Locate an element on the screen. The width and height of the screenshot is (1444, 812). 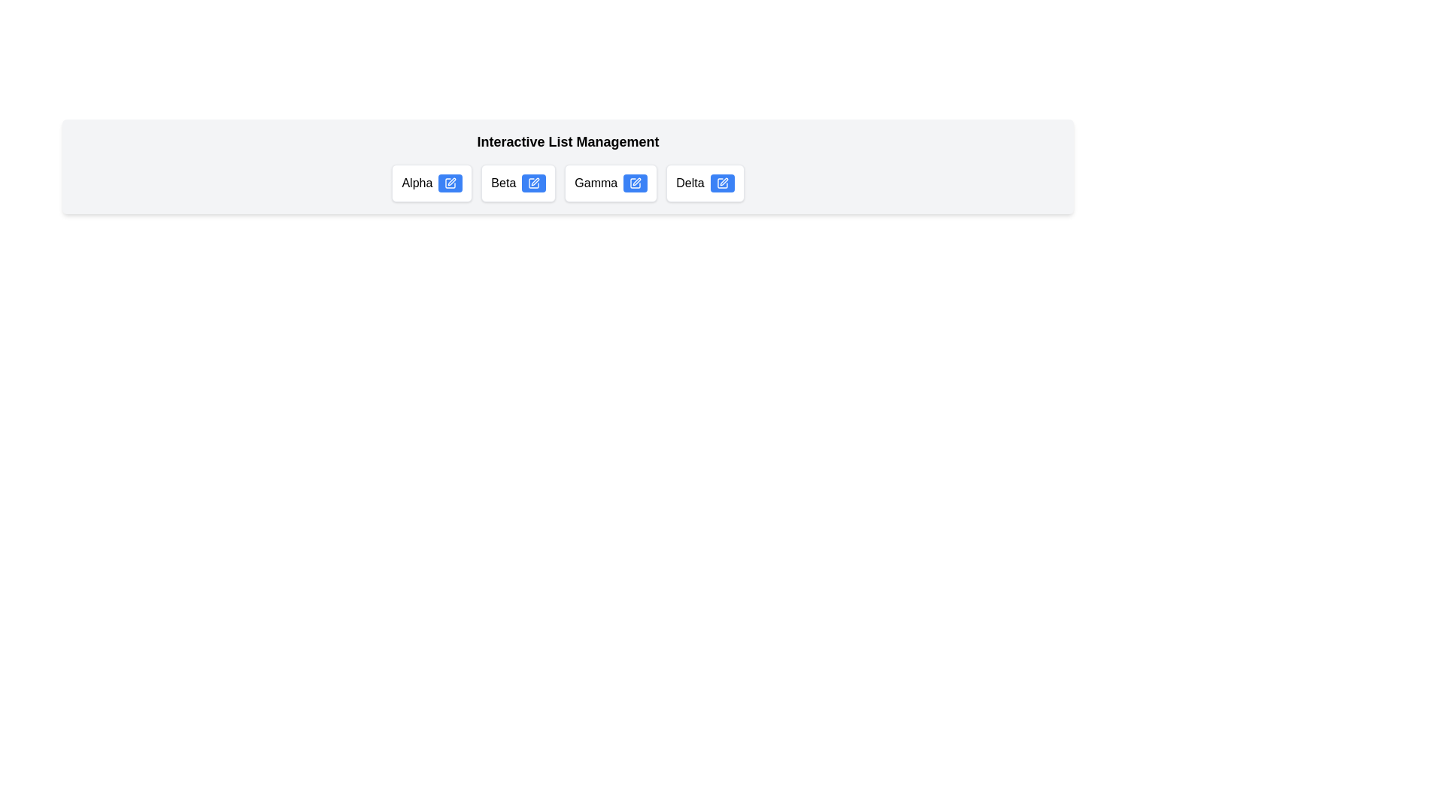
the icon associated with the 'Delta' label, located on the rightmost side of the row of buttons labeled 'Alpha,' 'Beta,' 'Gamma,' and 'Delta' is located at coordinates (724, 181).